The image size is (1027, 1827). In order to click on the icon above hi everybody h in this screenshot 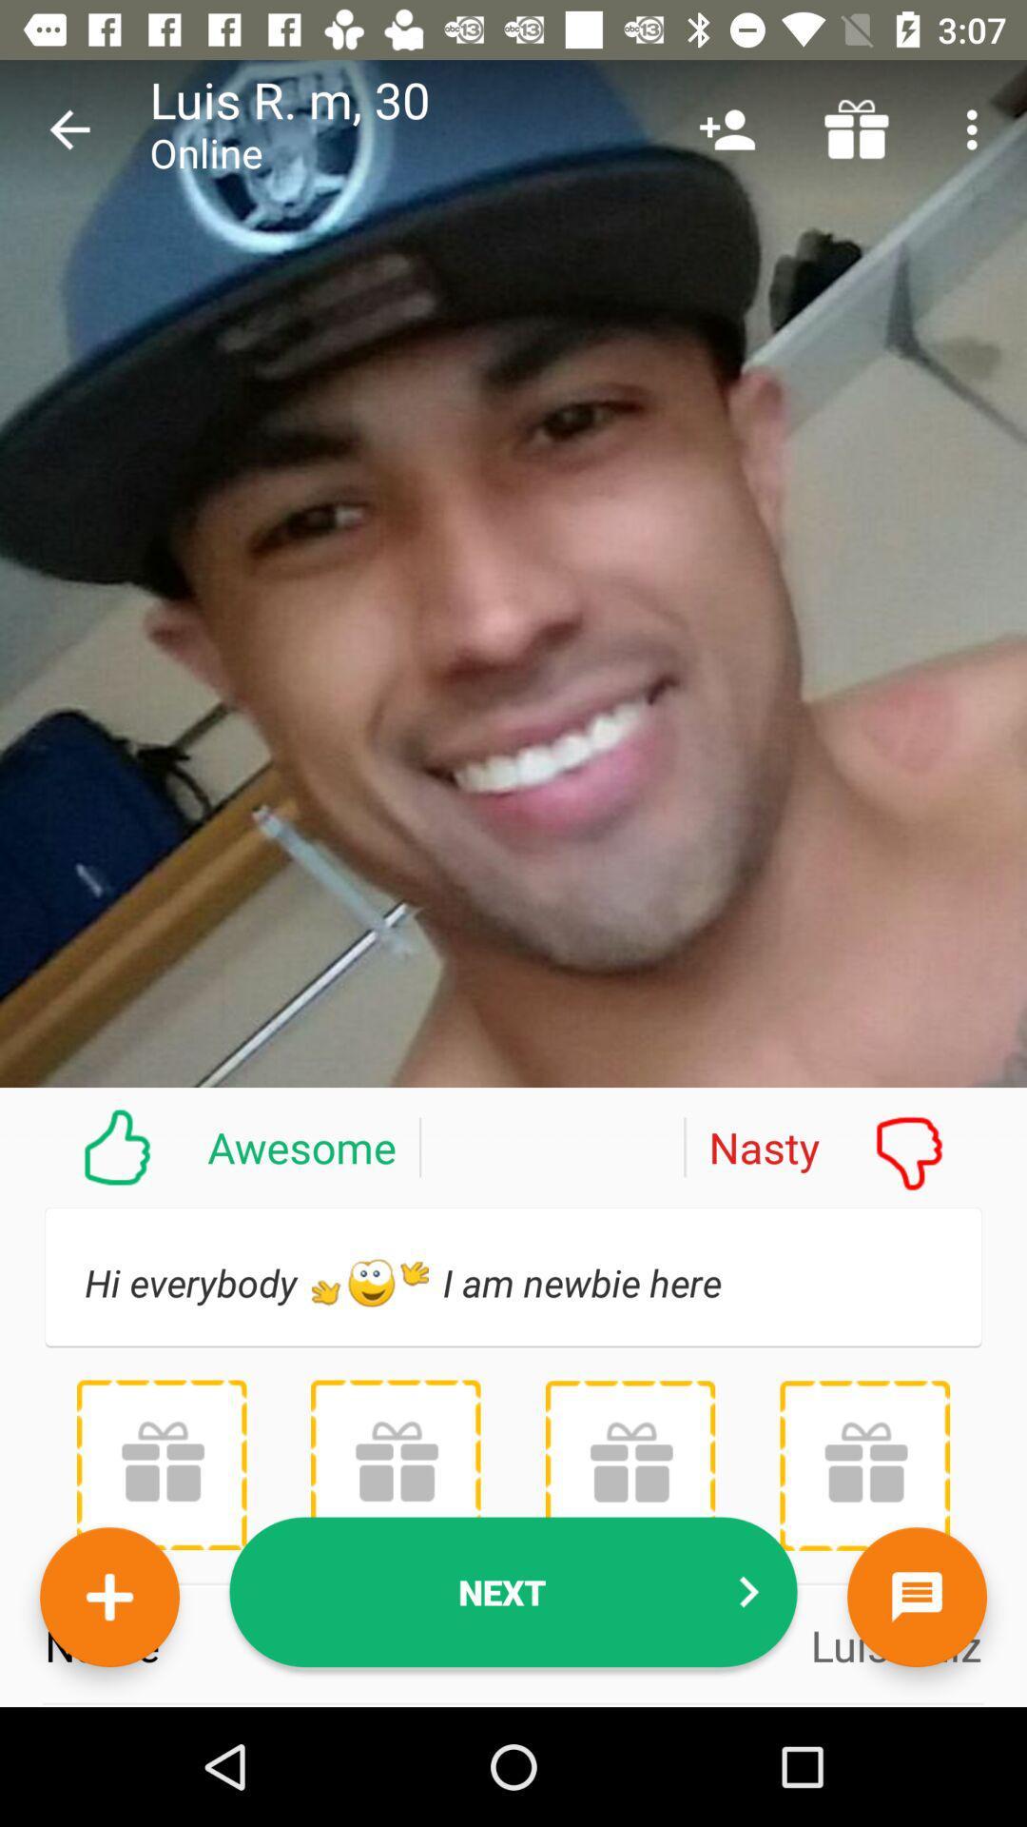, I will do `click(210, 1146)`.